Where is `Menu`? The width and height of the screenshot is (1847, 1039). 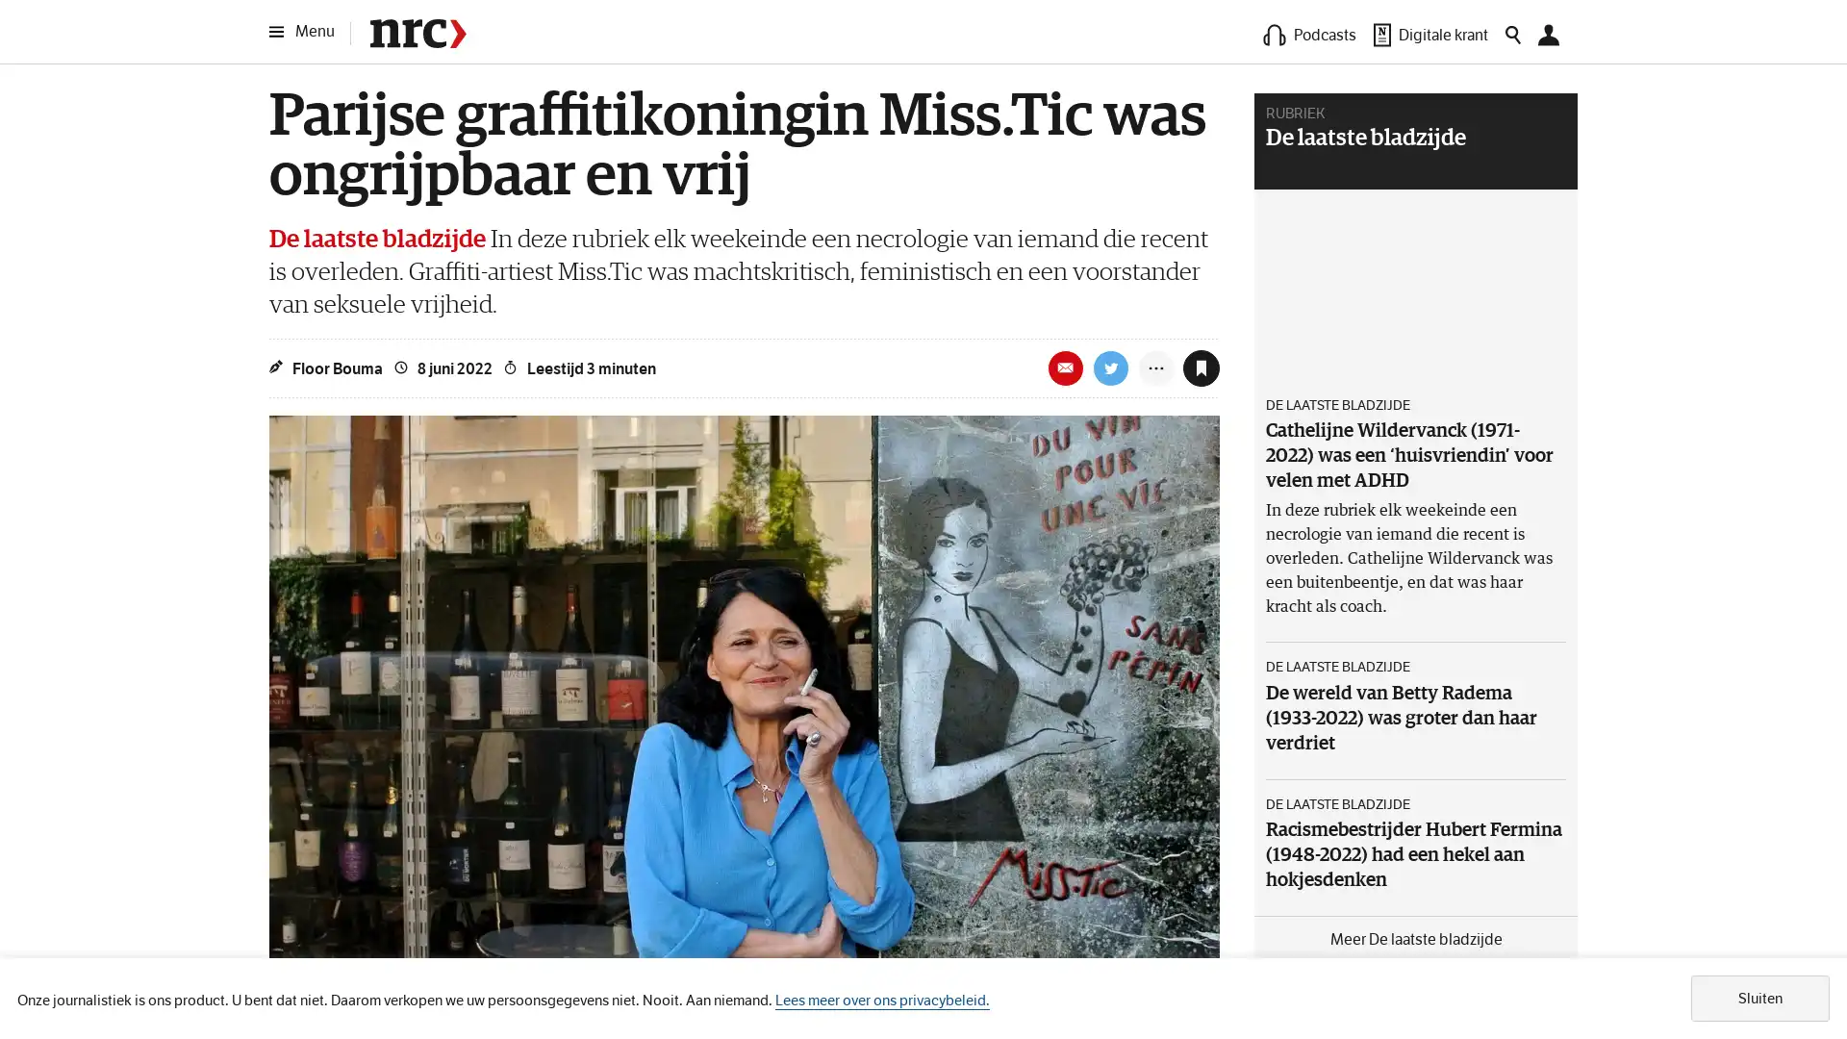 Menu is located at coordinates (308, 32).